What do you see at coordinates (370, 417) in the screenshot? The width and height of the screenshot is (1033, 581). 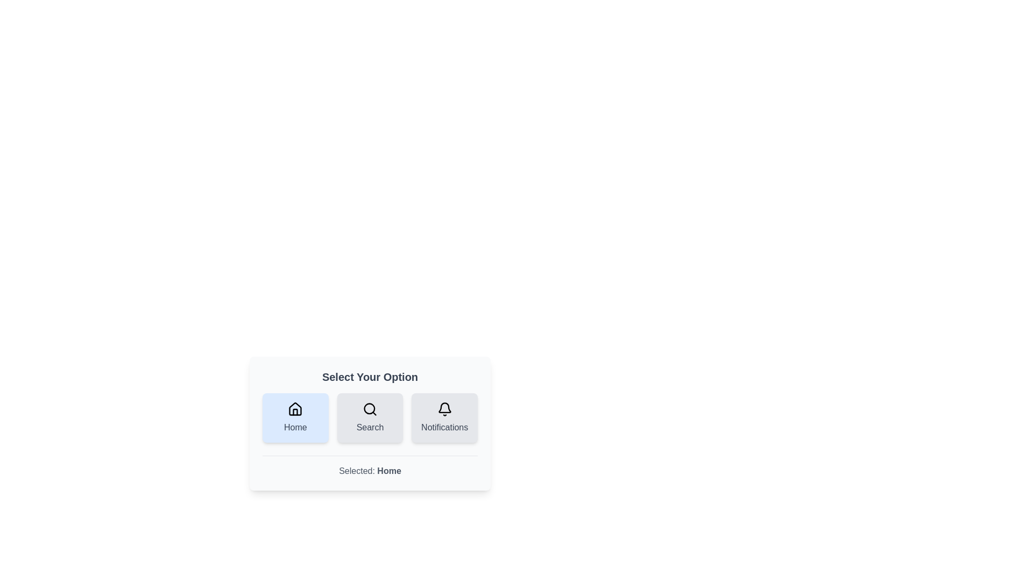 I see `the button labeled 'Search' to observe its hover effect` at bounding box center [370, 417].